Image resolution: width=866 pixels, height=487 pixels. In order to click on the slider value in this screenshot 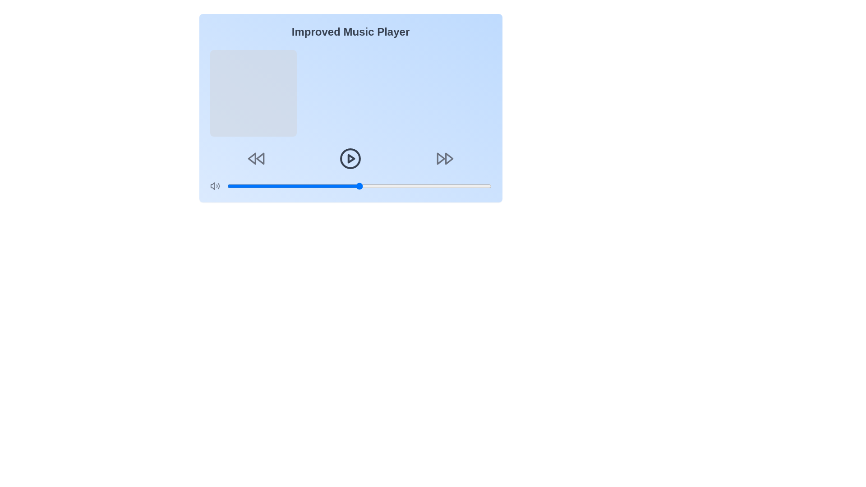, I will do `click(340, 185)`.